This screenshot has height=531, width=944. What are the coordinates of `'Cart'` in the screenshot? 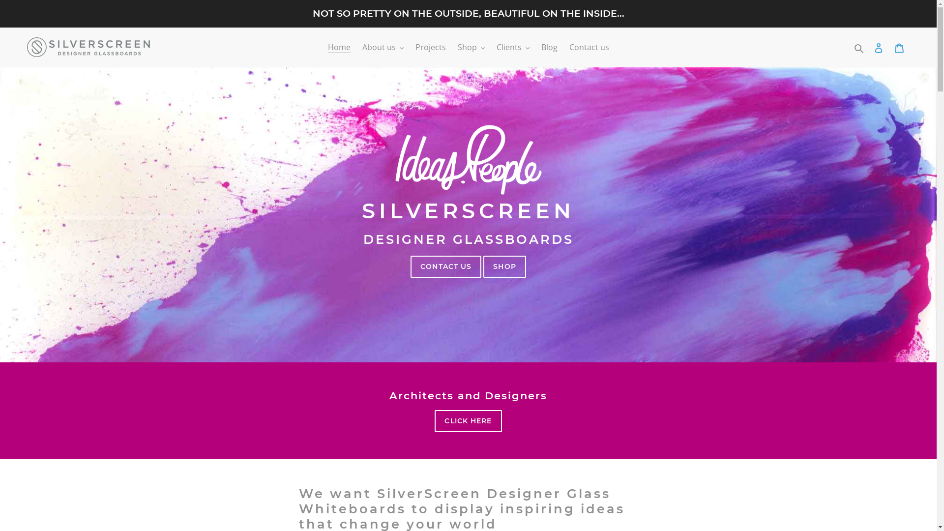 It's located at (899, 47).